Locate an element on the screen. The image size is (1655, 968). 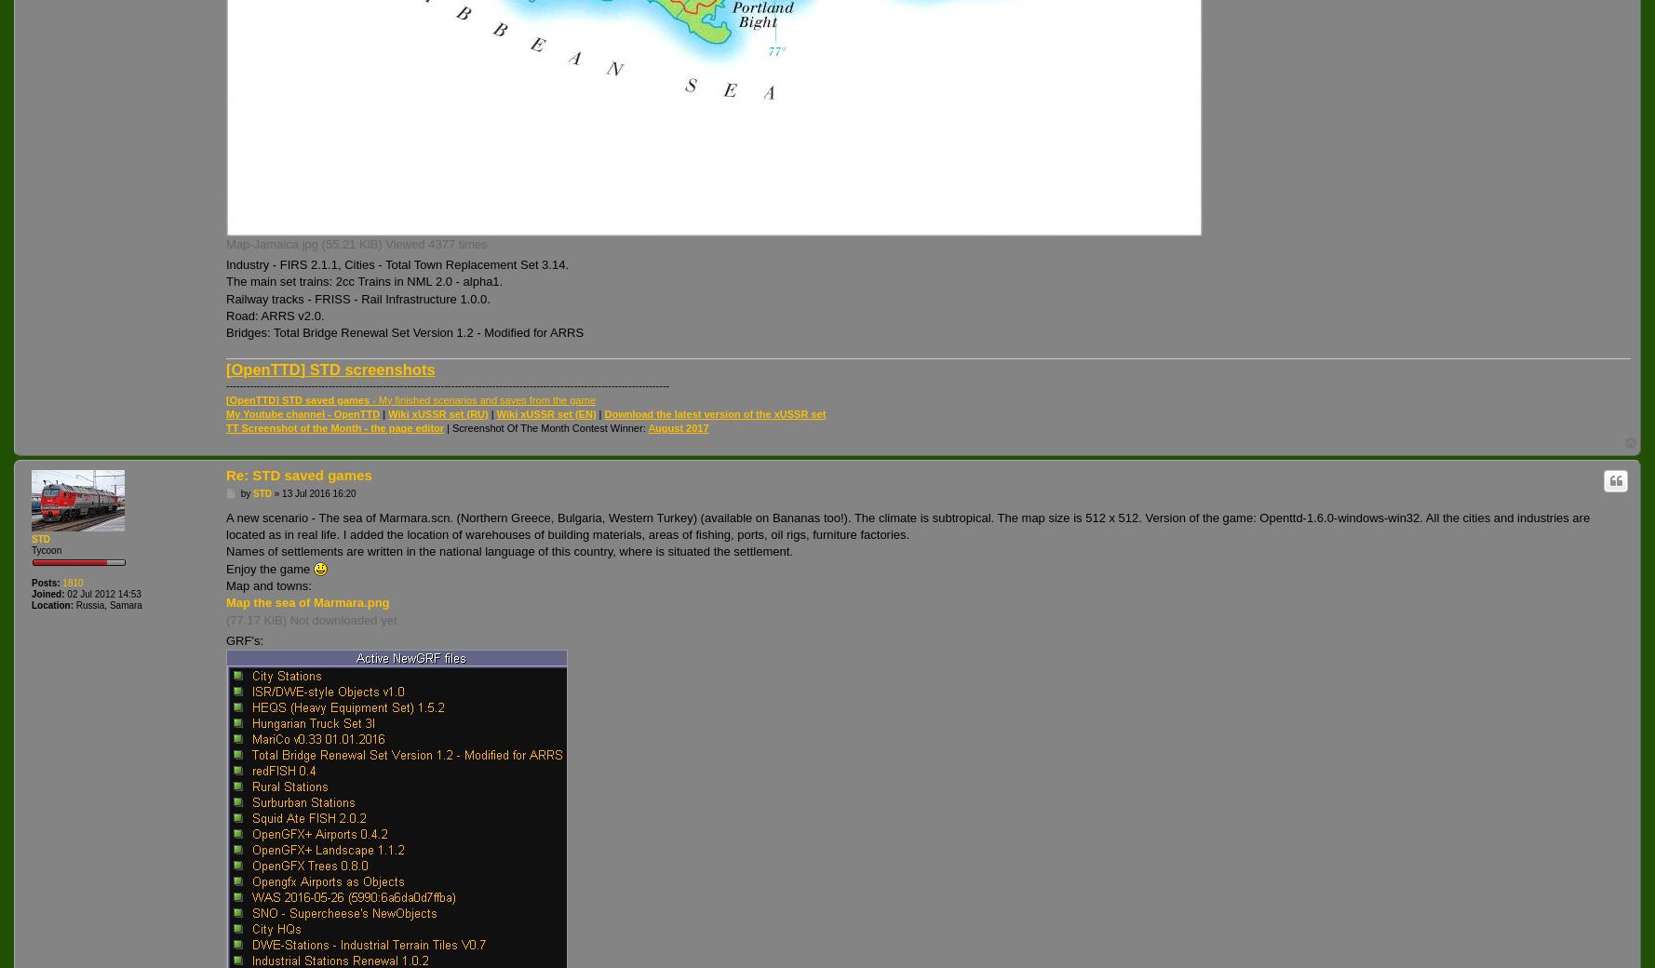
'Tycoon' is located at coordinates (46, 548).